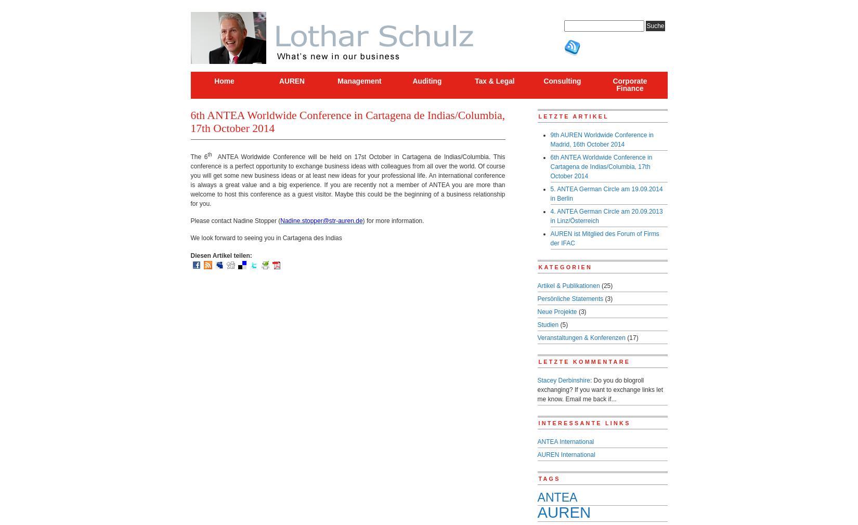  I want to click on '(25)', so click(606, 285).